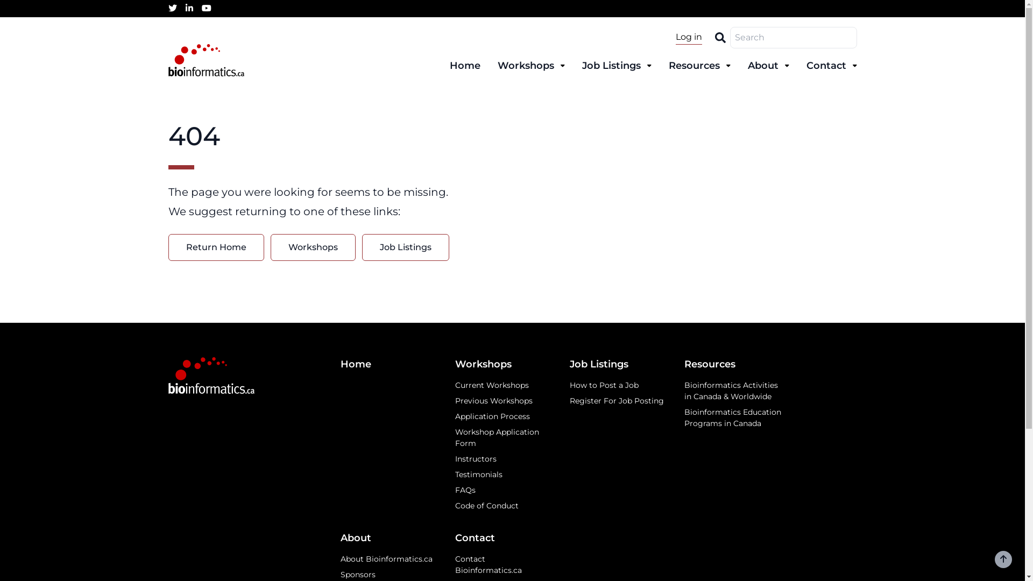 Image resolution: width=1033 pixels, height=581 pixels. What do you see at coordinates (569, 385) in the screenshot?
I see `'How to Post a Job'` at bounding box center [569, 385].